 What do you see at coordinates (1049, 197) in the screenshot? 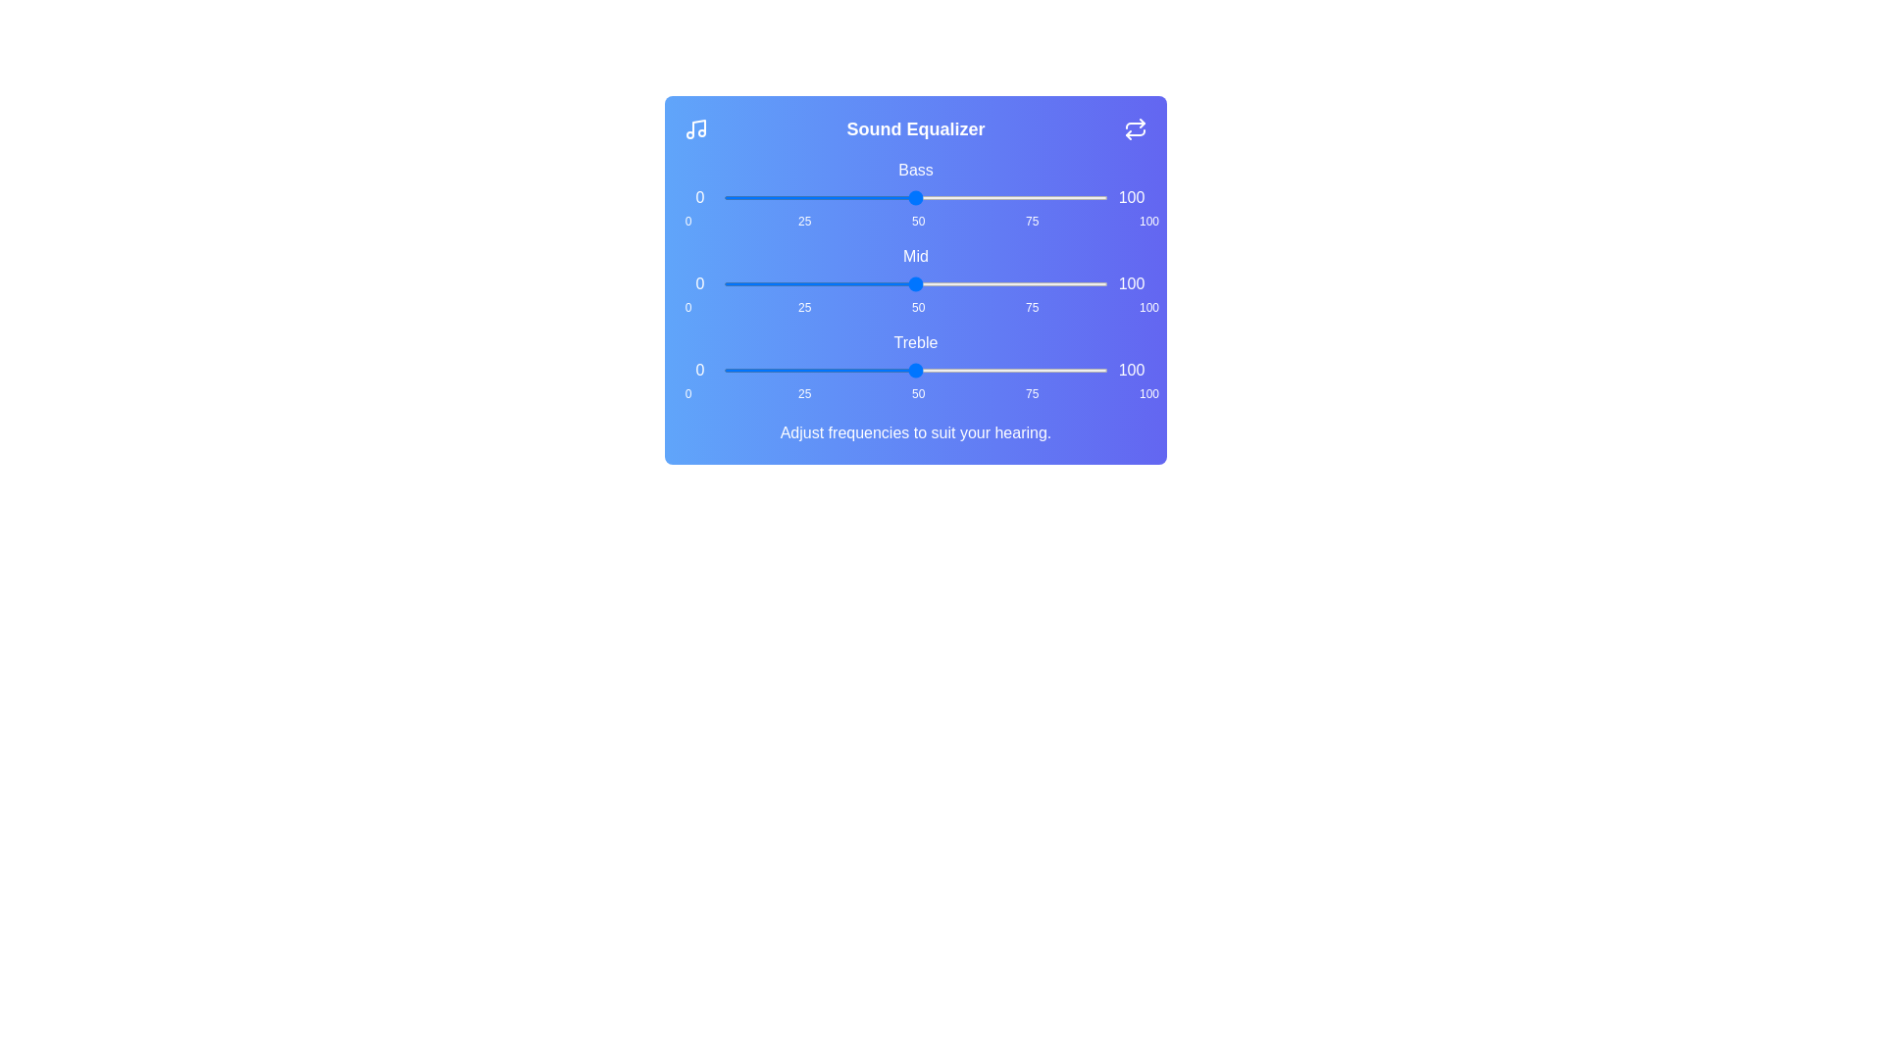
I see `the bass slider to 85%` at bounding box center [1049, 197].